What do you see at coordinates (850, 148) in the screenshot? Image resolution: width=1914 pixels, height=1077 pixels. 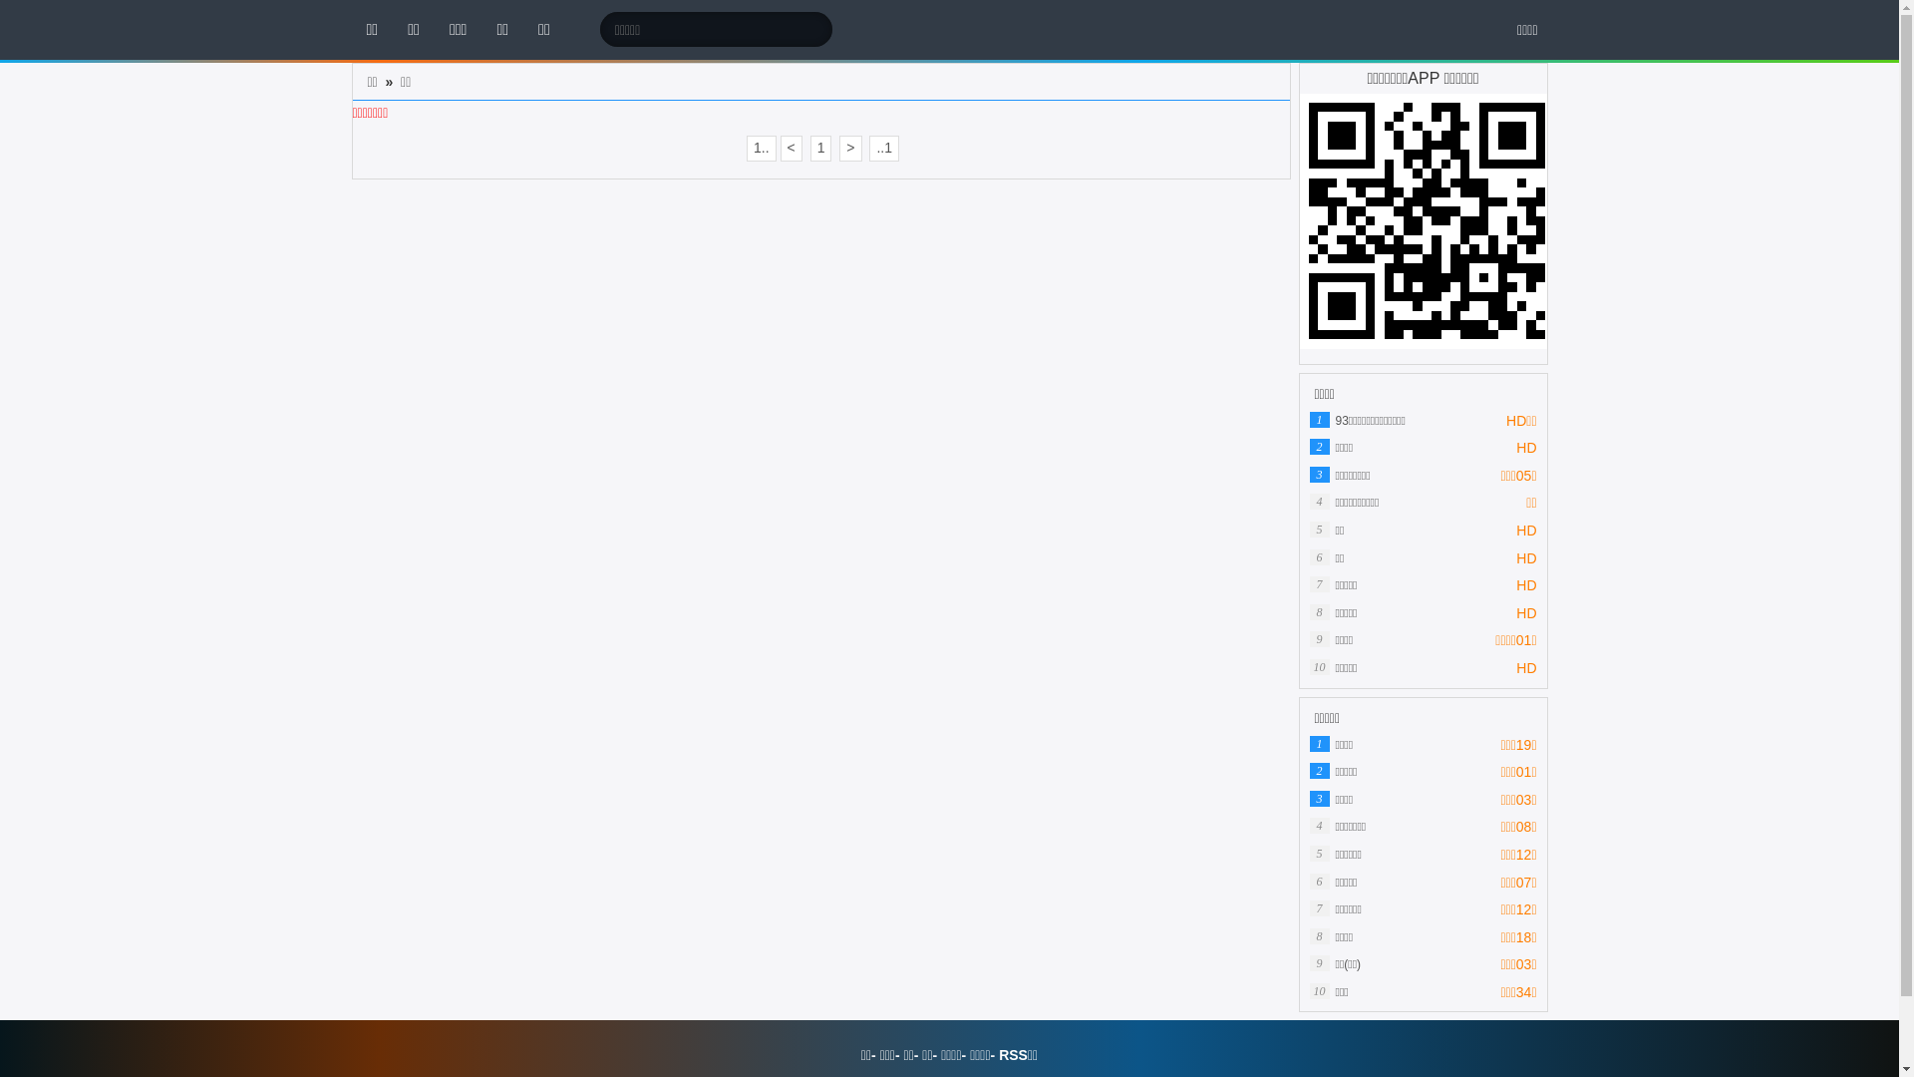 I see `'>'` at bounding box center [850, 148].